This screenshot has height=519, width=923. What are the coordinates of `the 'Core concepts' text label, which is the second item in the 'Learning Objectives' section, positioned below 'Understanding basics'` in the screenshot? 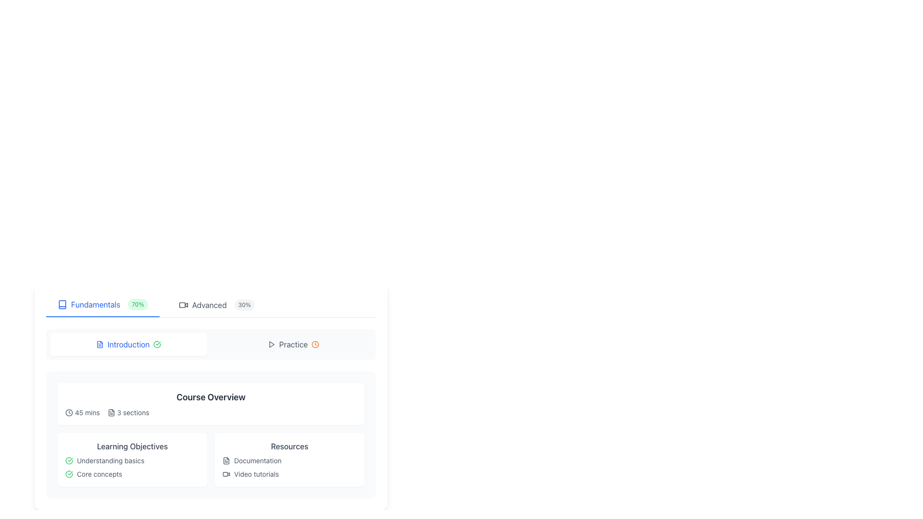 It's located at (100, 474).